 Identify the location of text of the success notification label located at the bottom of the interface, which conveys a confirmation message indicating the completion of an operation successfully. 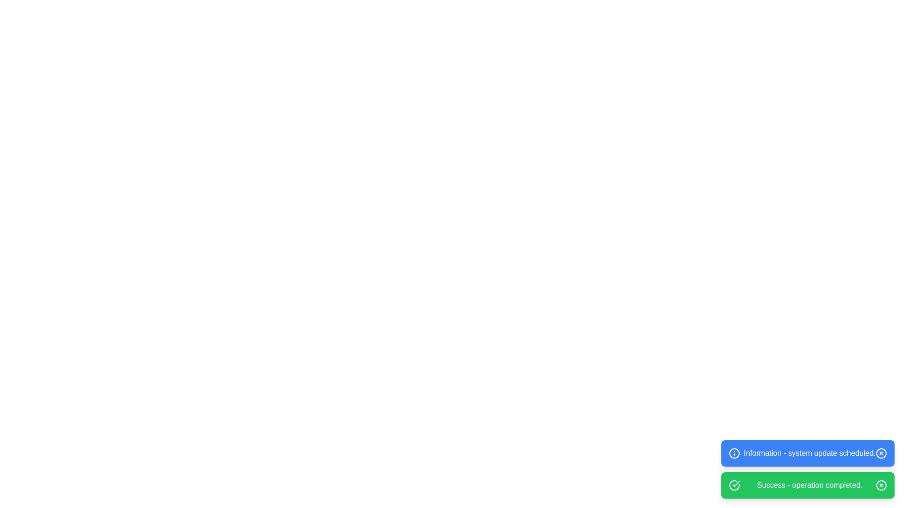
(809, 485).